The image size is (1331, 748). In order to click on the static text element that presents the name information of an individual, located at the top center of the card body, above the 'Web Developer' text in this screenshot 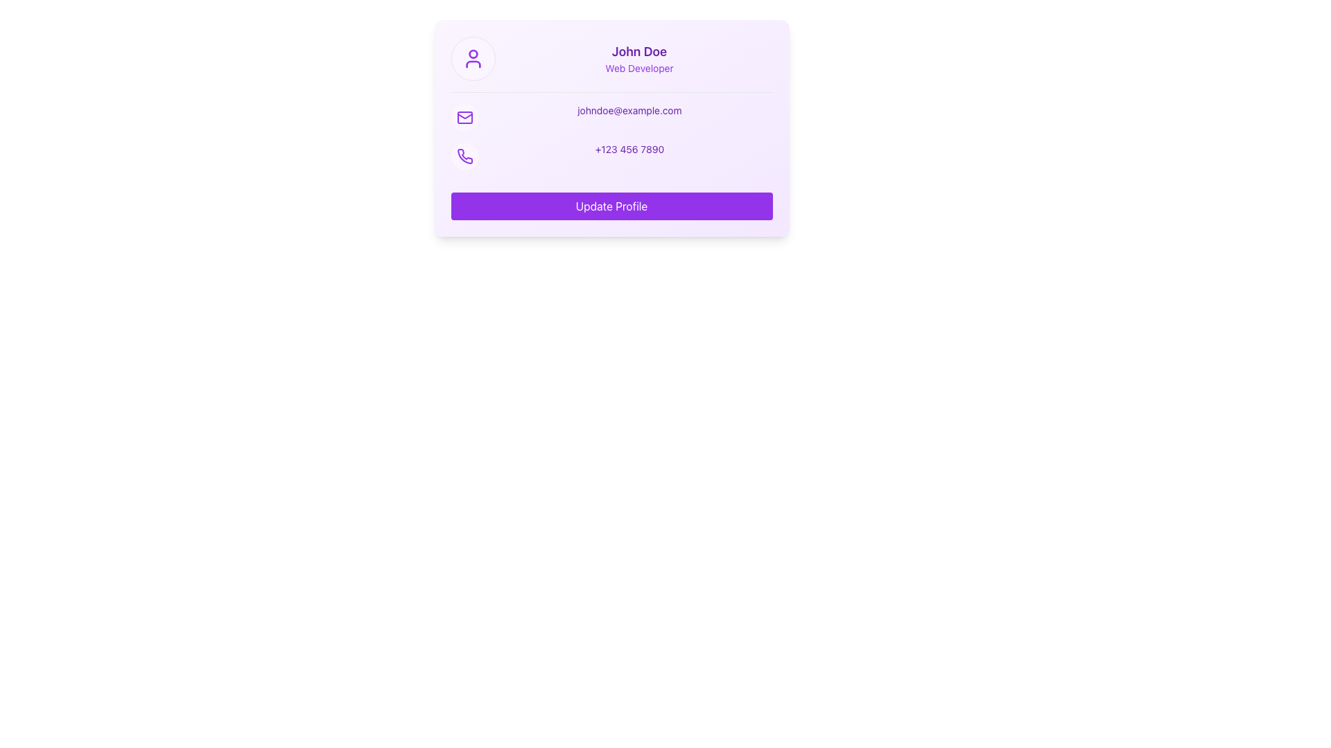, I will do `click(638, 51)`.